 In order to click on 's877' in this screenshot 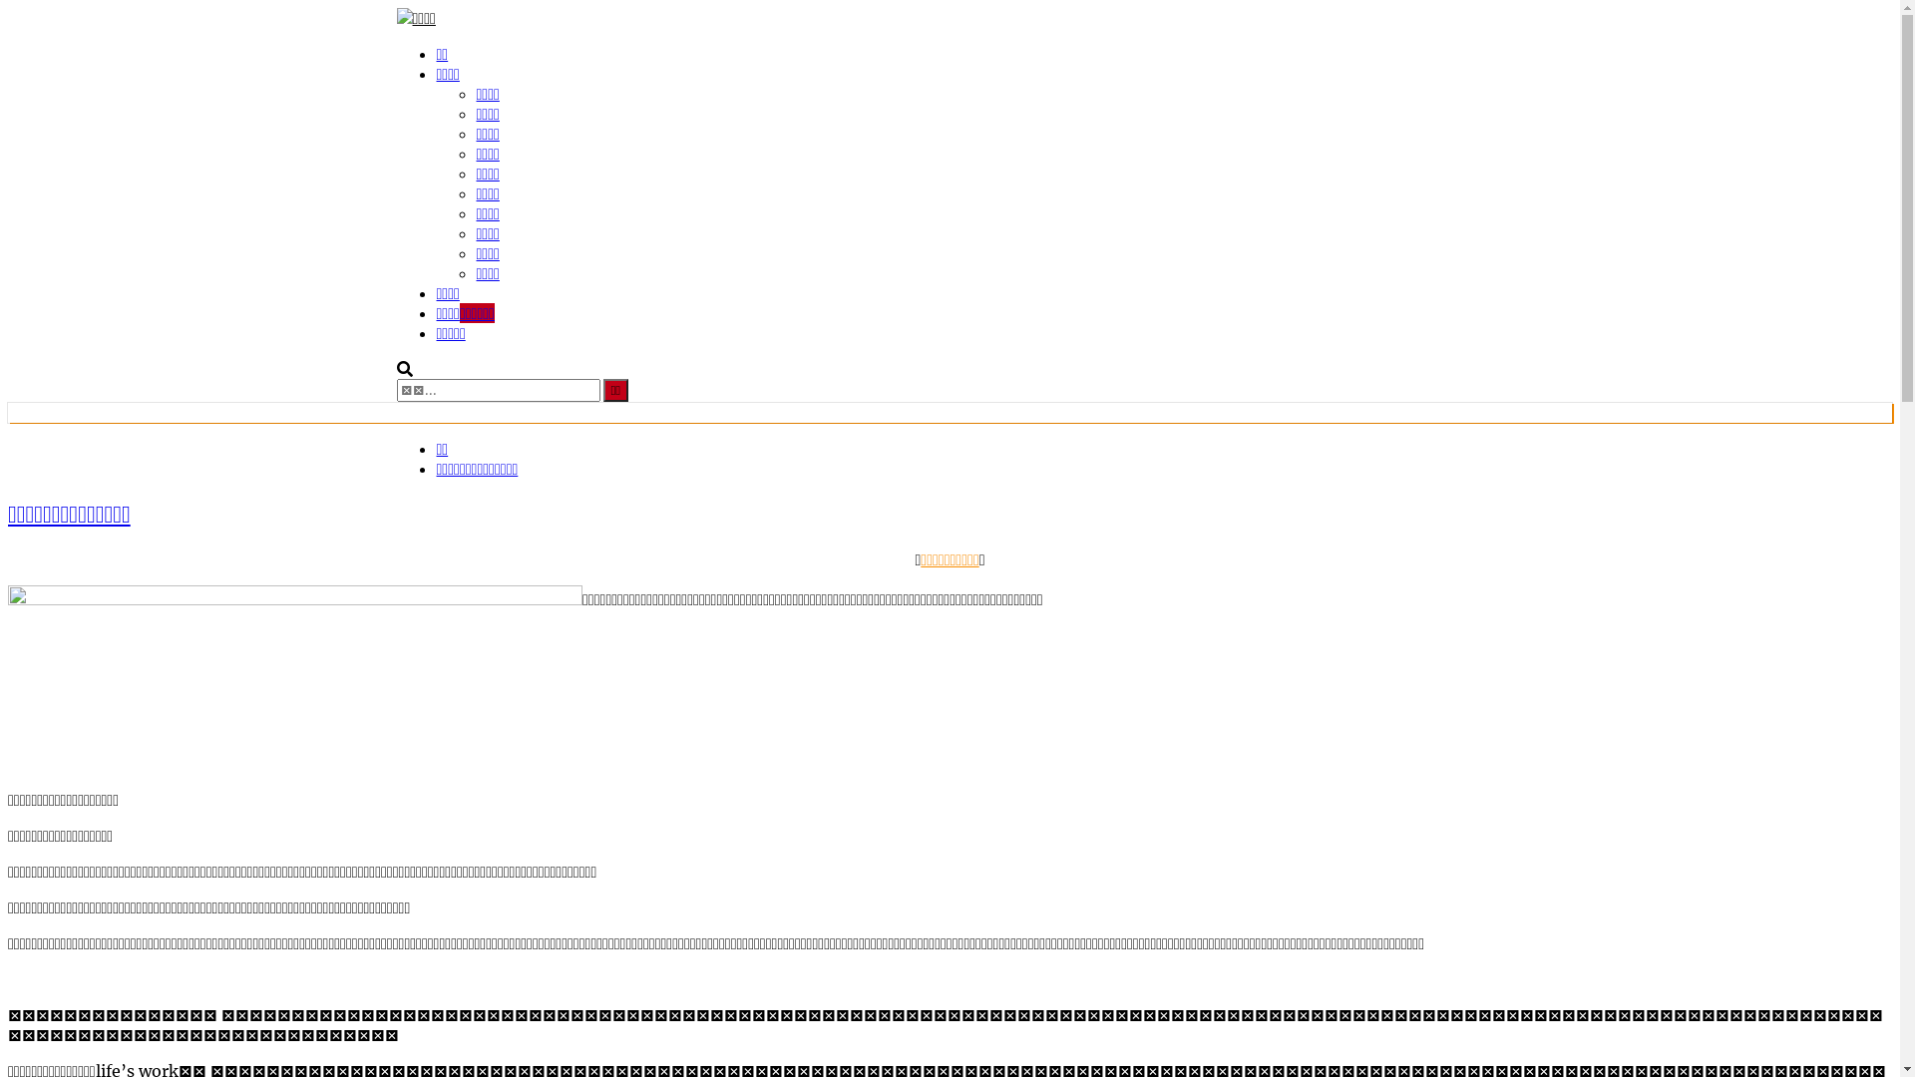, I will do `click(294, 678)`.